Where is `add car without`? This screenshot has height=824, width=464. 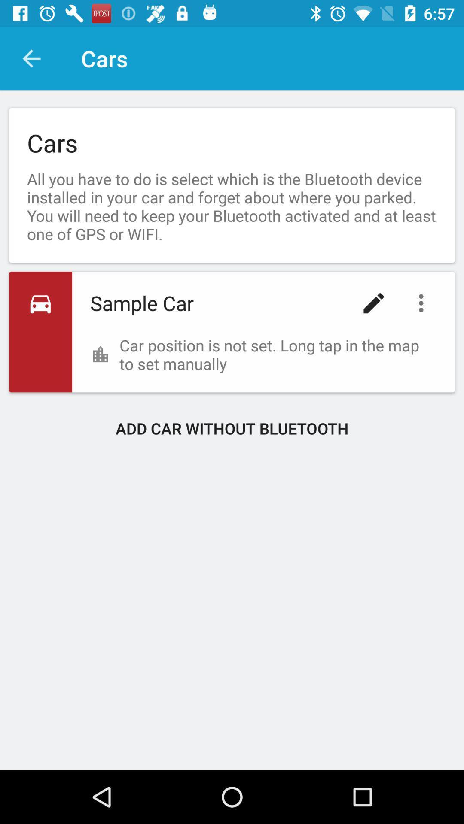
add car without is located at coordinates (232, 428).